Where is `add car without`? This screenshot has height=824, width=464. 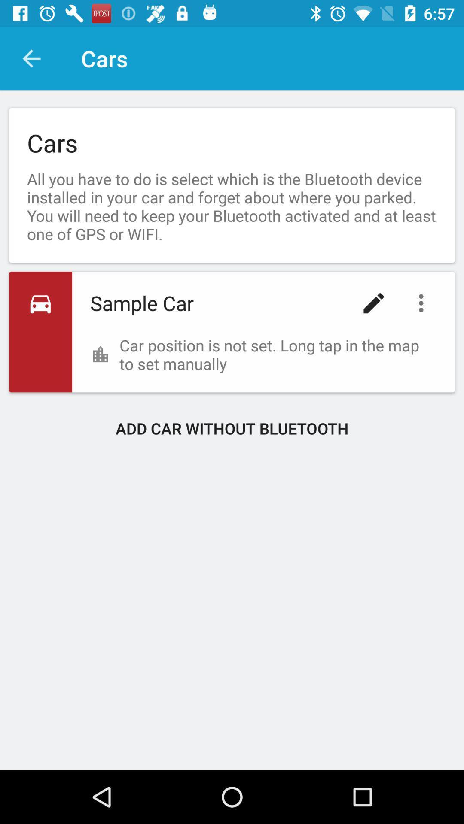
add car without is located at coordinates (232, 428).